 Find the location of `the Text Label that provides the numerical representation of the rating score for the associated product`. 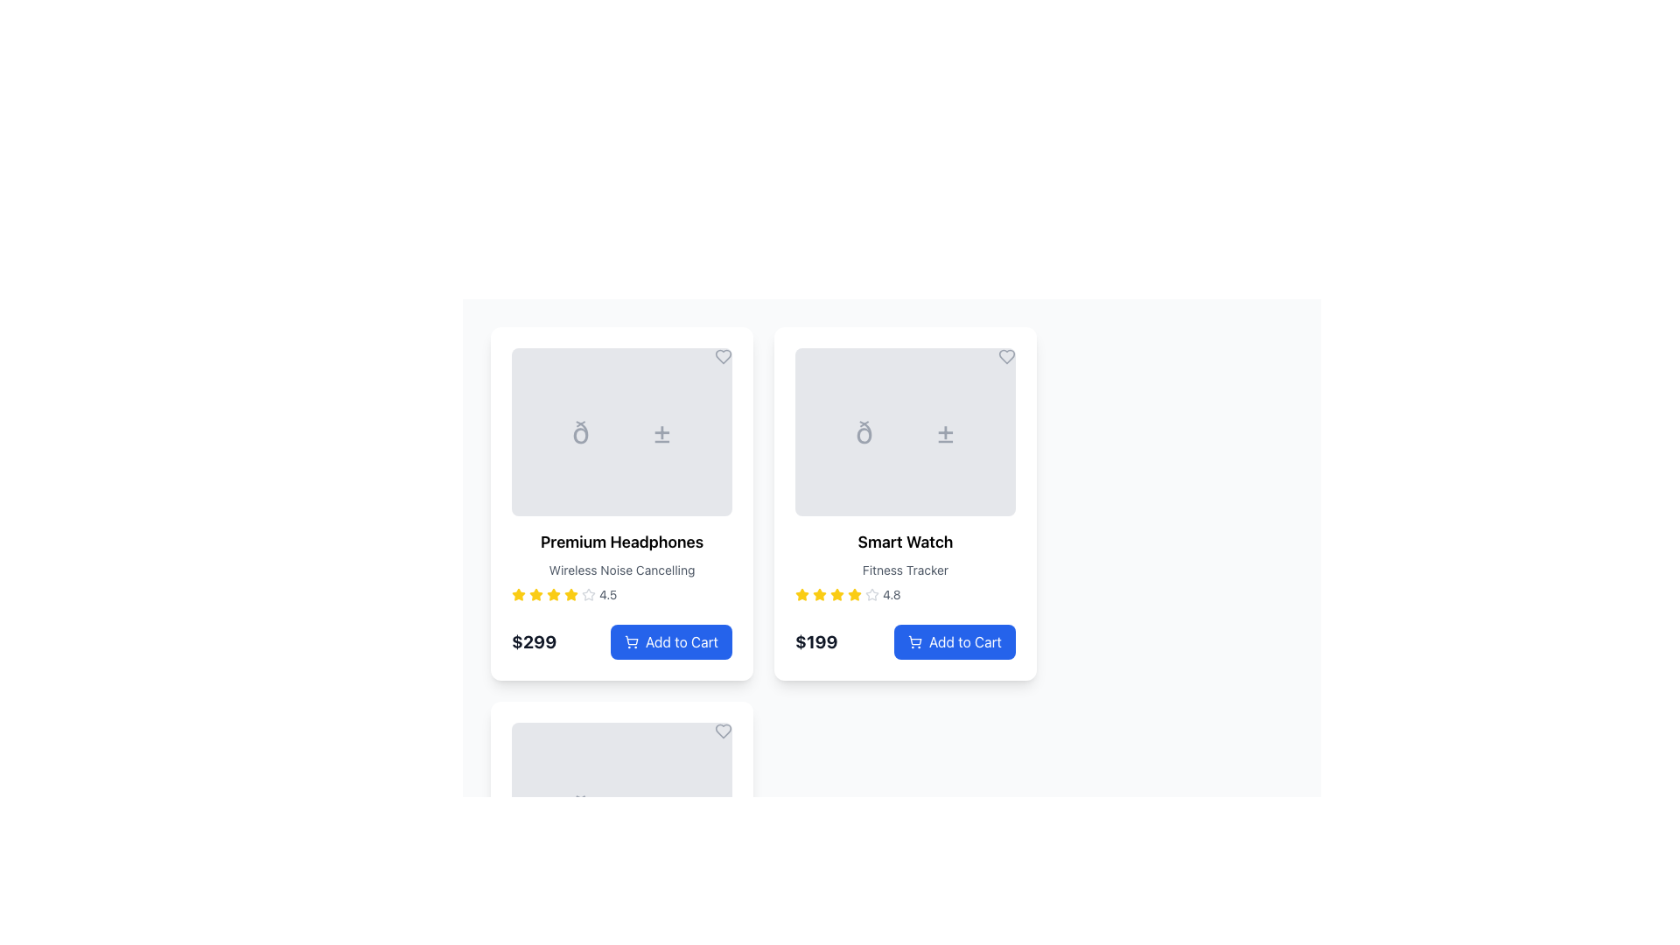

the Text Label that provides the numerical representation of the rating score for the associated product is located at coordinates (892, 593).